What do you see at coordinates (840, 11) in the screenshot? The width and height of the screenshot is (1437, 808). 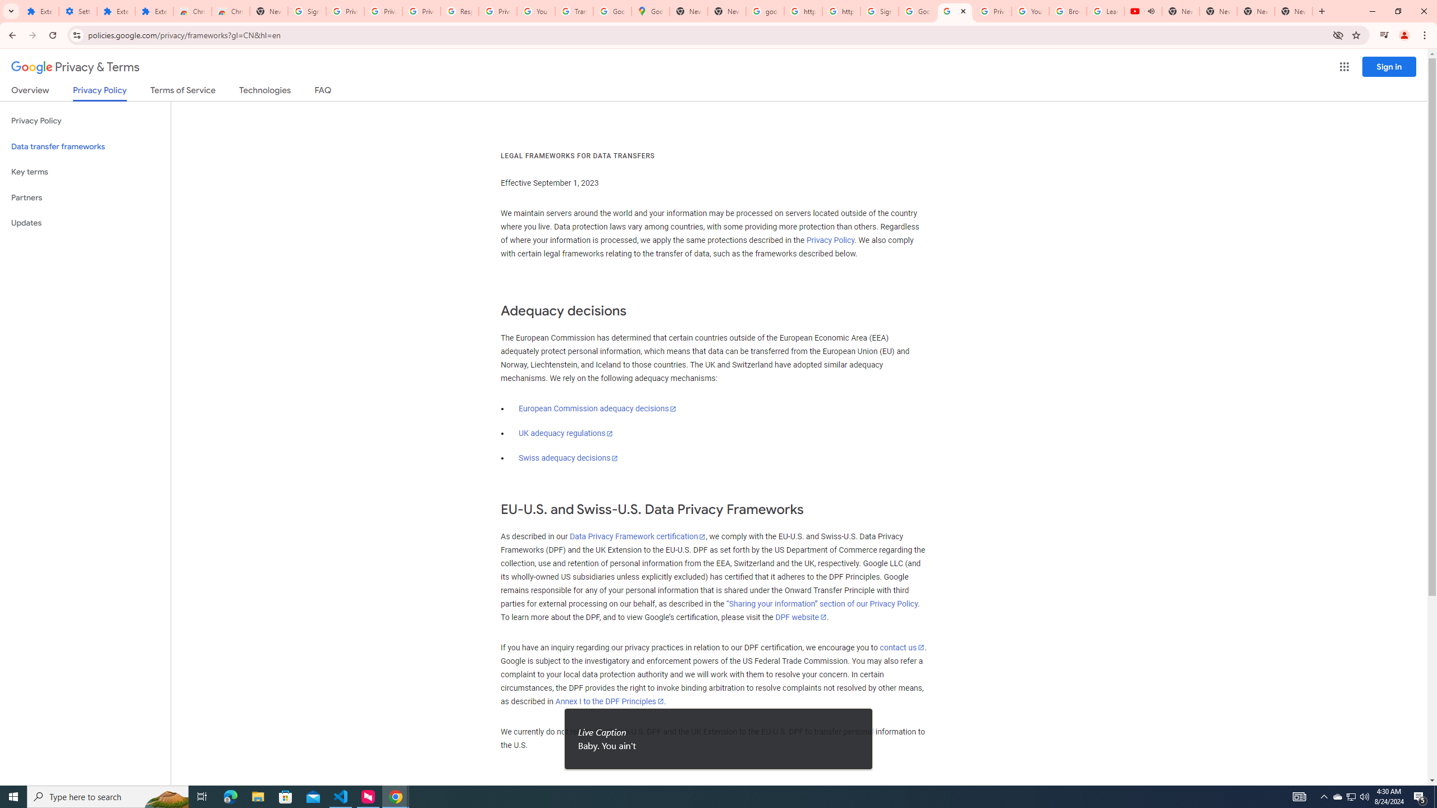 I see `'https://scholar.google.com/'` at bounding box center [840, 11].